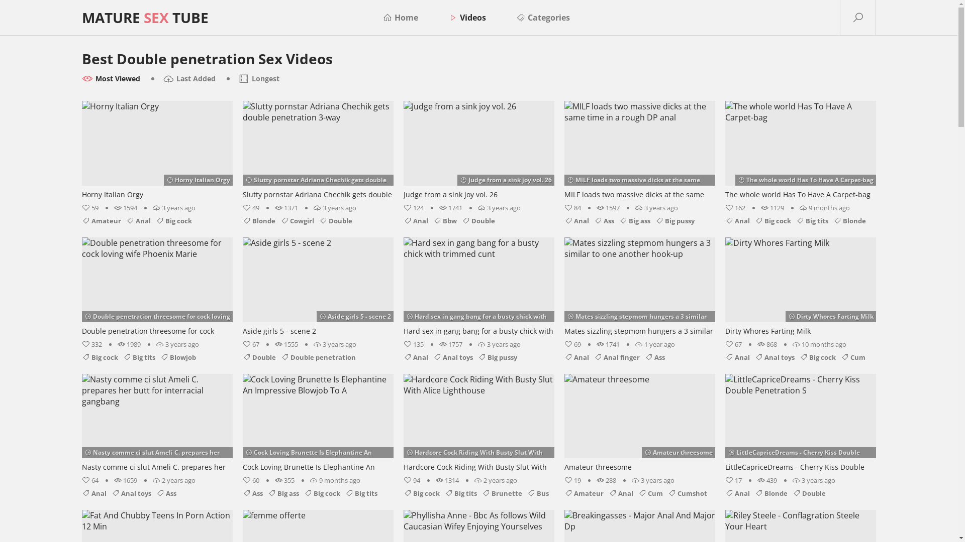 The height and width of the screenshot is (542, 965). What do you see at coordinates (297, 220) in the screenshot?
I see `'Cowgirl'` at bounding box center [297, 220].